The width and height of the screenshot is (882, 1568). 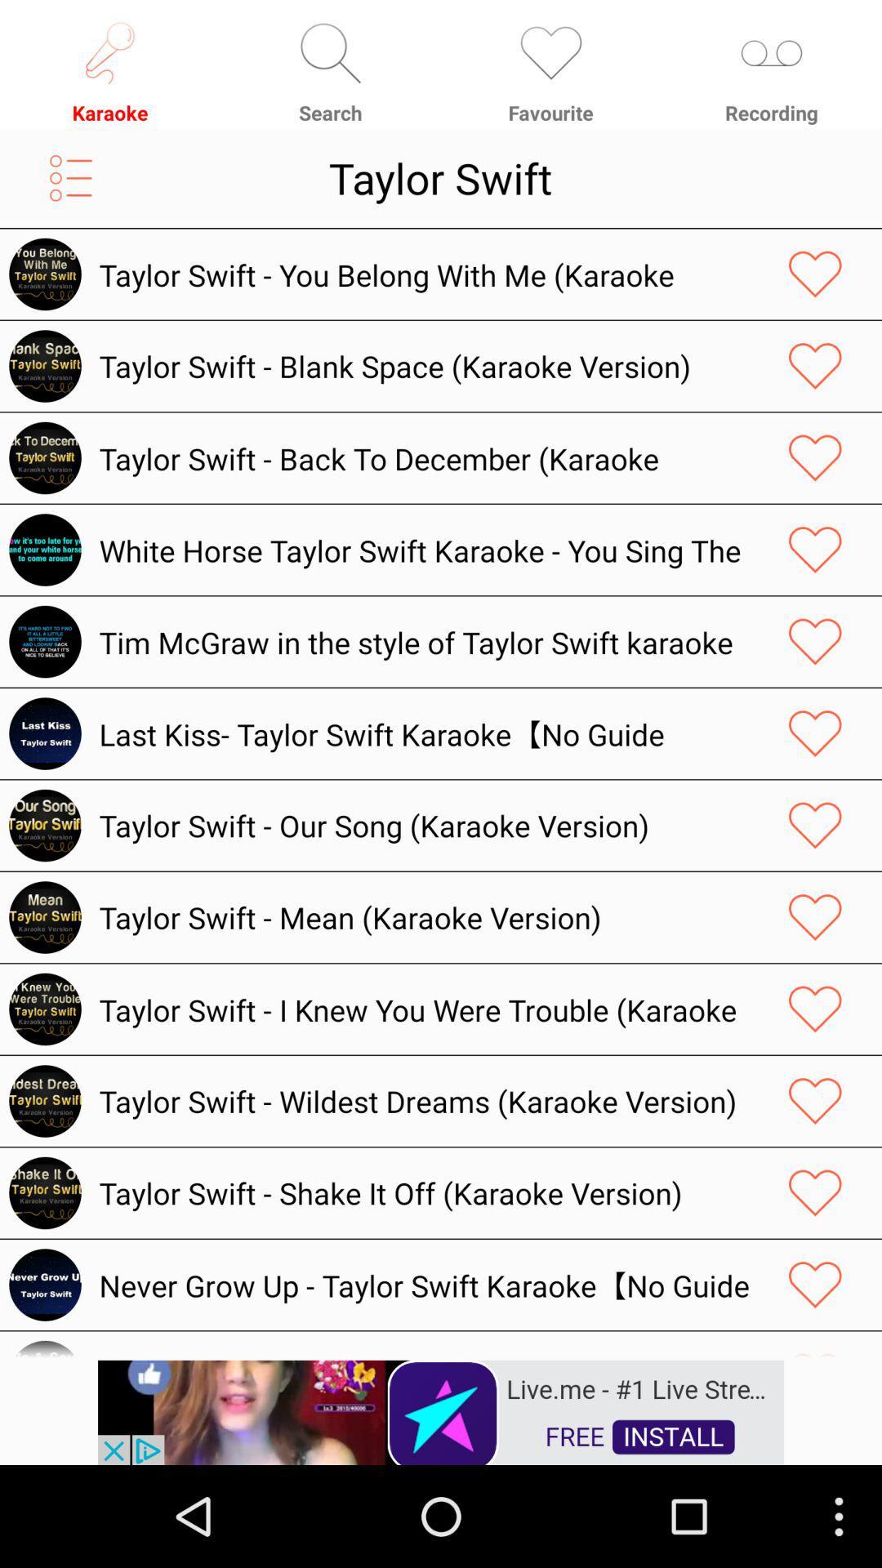 What do you see at coordinates (815, 550) in the screenshot?
I see `it` at bounding box center [815, 550].